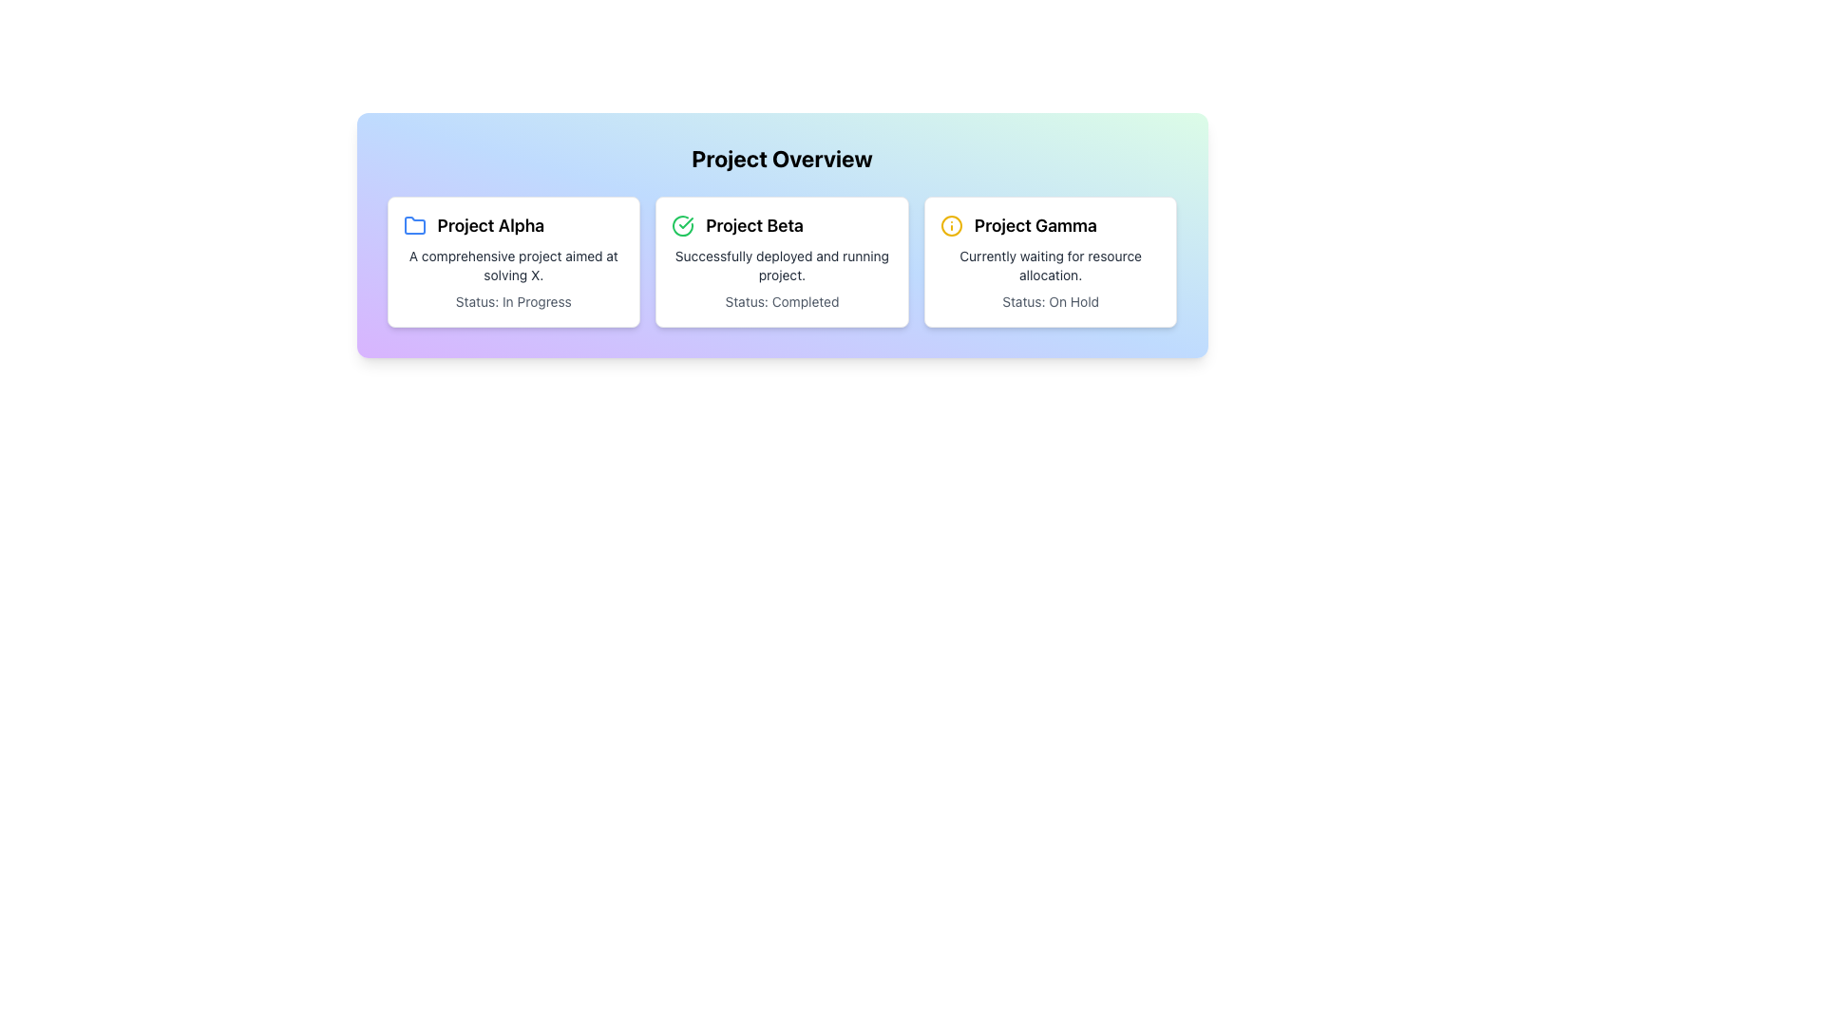 The height and width of the screenshot is (1026, 1824). I want to click on information displayed on the 'Project Alpha' card, which features a blue folder icon, bold text, and a status indicating 'In Progress', so click(513, 262).